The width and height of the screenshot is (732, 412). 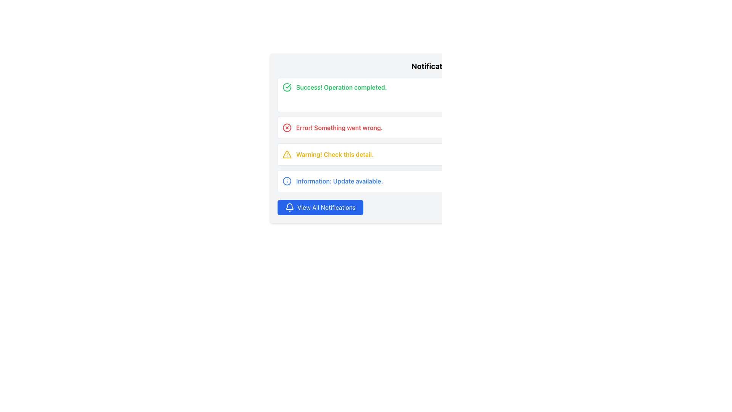 I want to click on the warning notification alert containing the message 'Warning! Check this detail.', so click(x=351, y=143).